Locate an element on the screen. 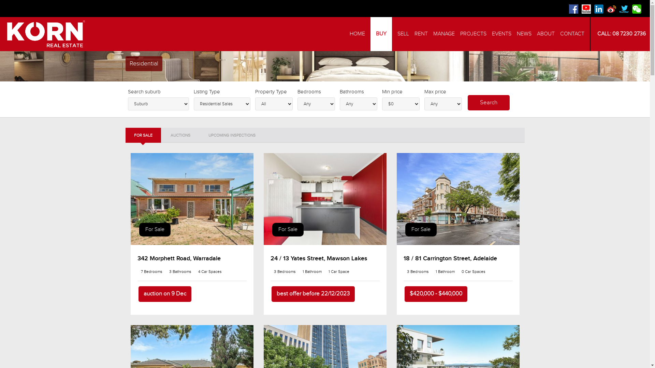 The image size is (655, 368). 'best offer before 22/12/2023' is located at coordinates (271, 294).